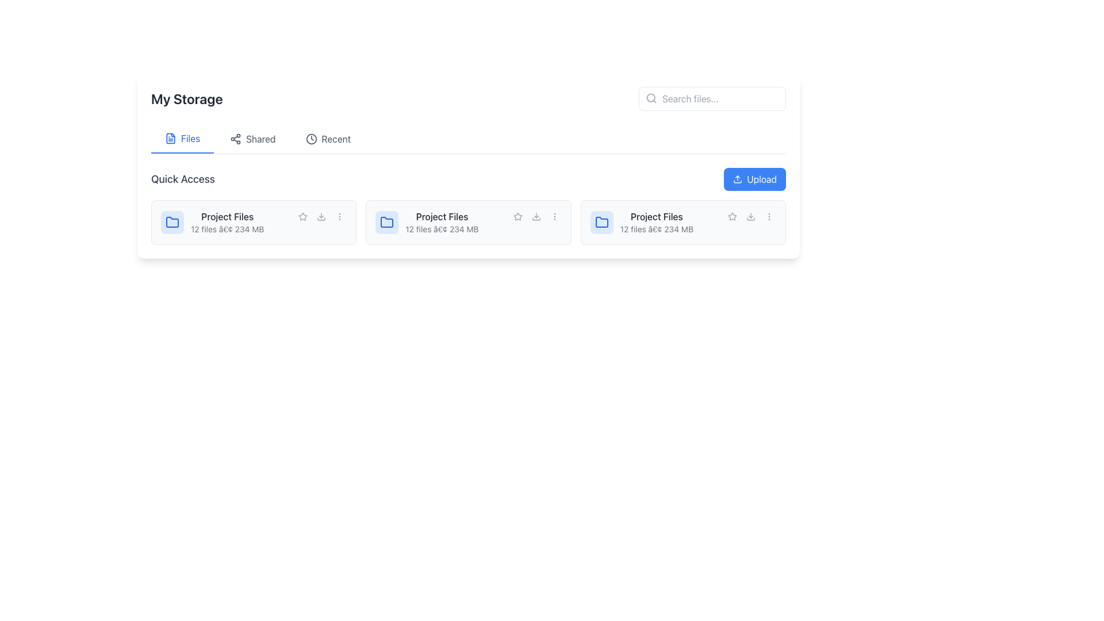 The width and height of the screenshot is (1104, 621). Describe the element at coordinates (731, 216) in the screenshot. I see `the star icon located between the folder icon and the download icon in the second 'Project Files' card set of the 'Quick Access' section to mark the file as favorite` at that location.